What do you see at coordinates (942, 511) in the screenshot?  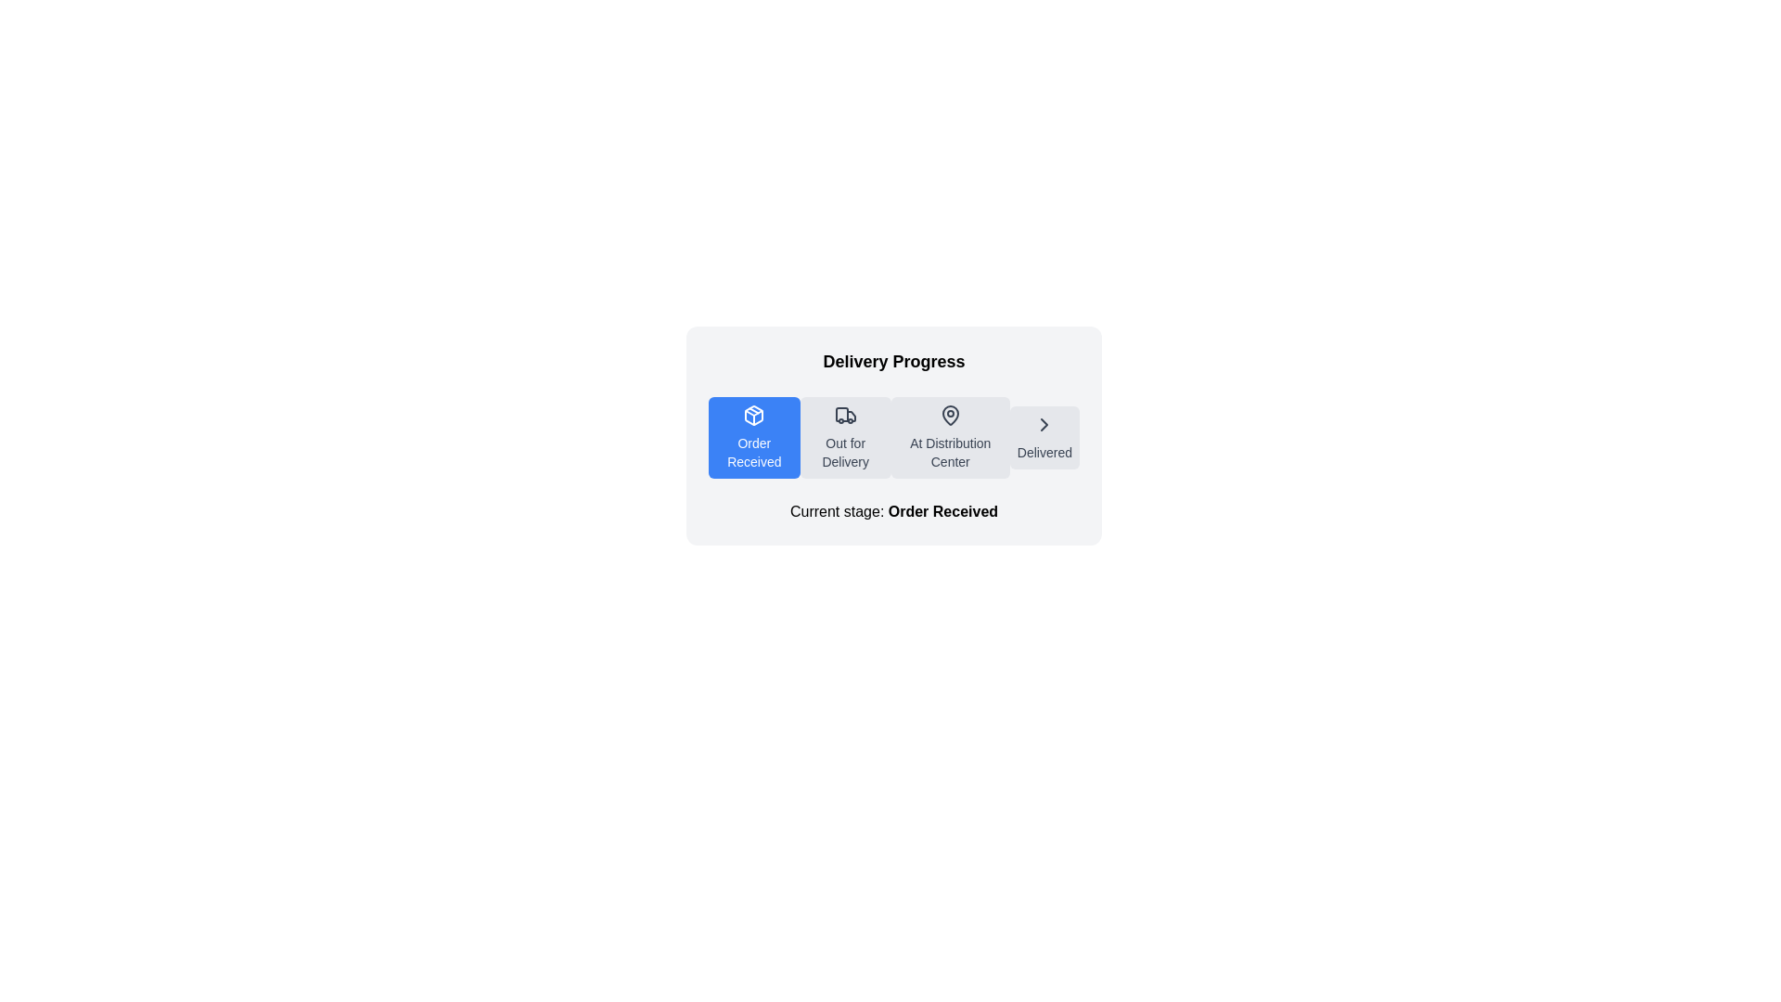 I see `the text label displaying 'Order Received', which is styled with bold black text and located below the 'Delivery Progress' status tracker` at bounding box center [942, 511].